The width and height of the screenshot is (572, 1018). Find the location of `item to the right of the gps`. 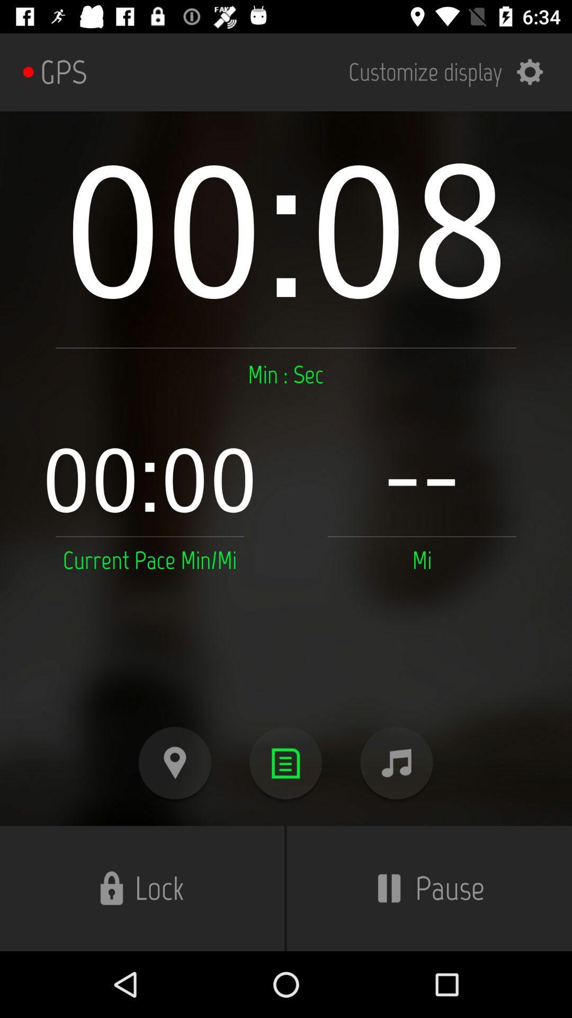

item to the right of the gps is located at coordinates (453, 72).